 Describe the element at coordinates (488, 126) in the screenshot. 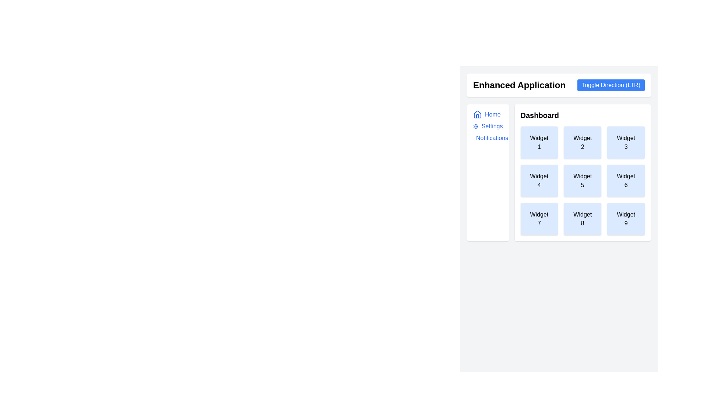

I see `the 'Settings' navigation link located in the vertical sidebar menu, which is the second option below 'Home' and above 'Notifications'` at that location.